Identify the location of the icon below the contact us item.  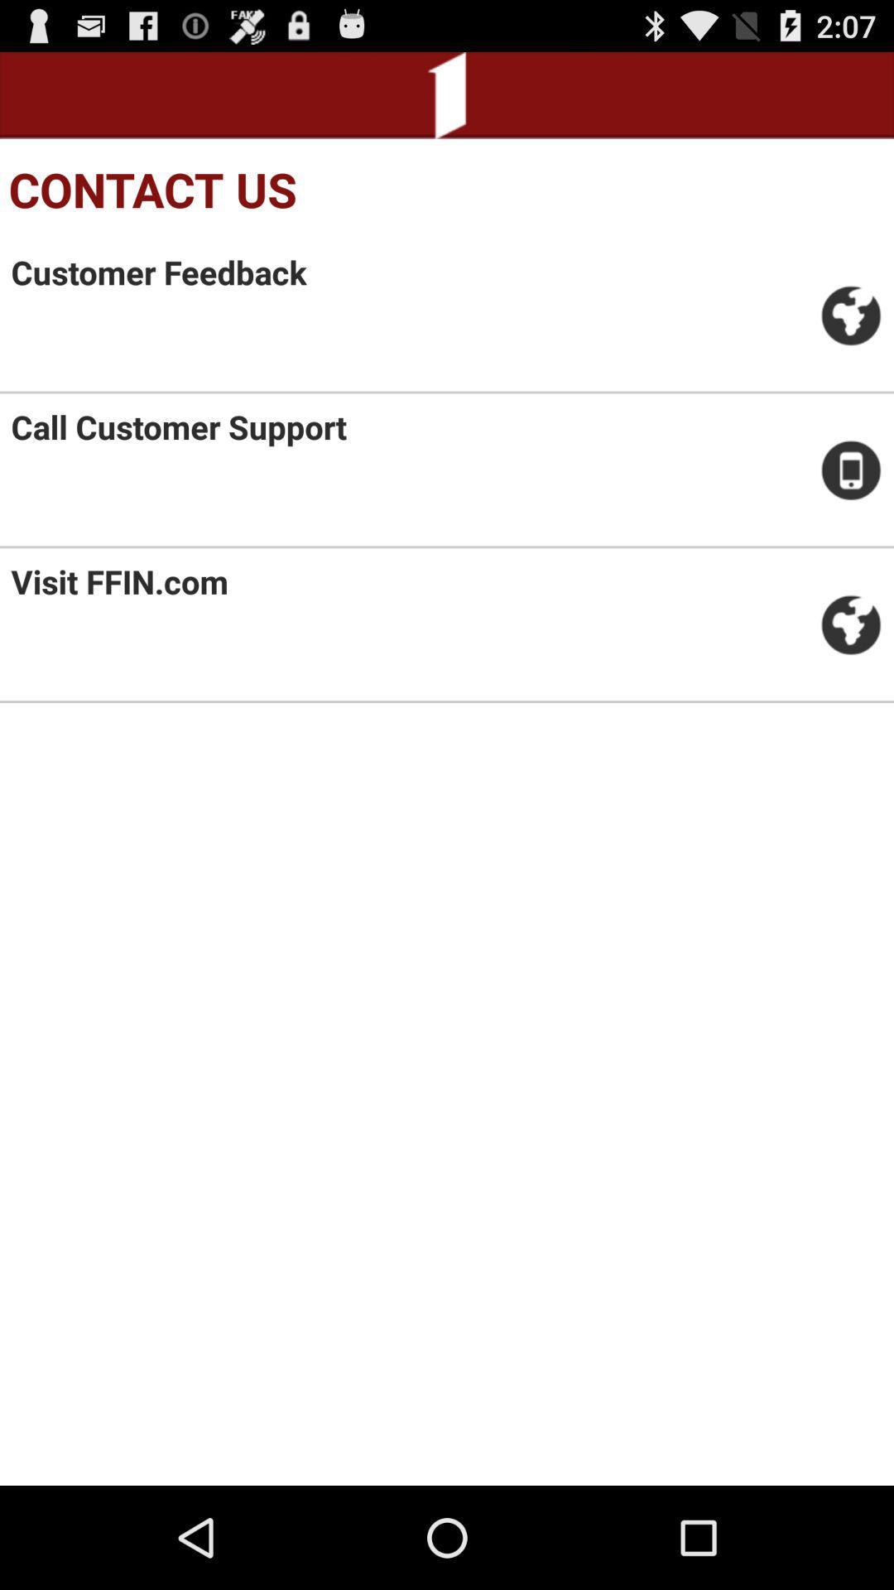
(159, 272).